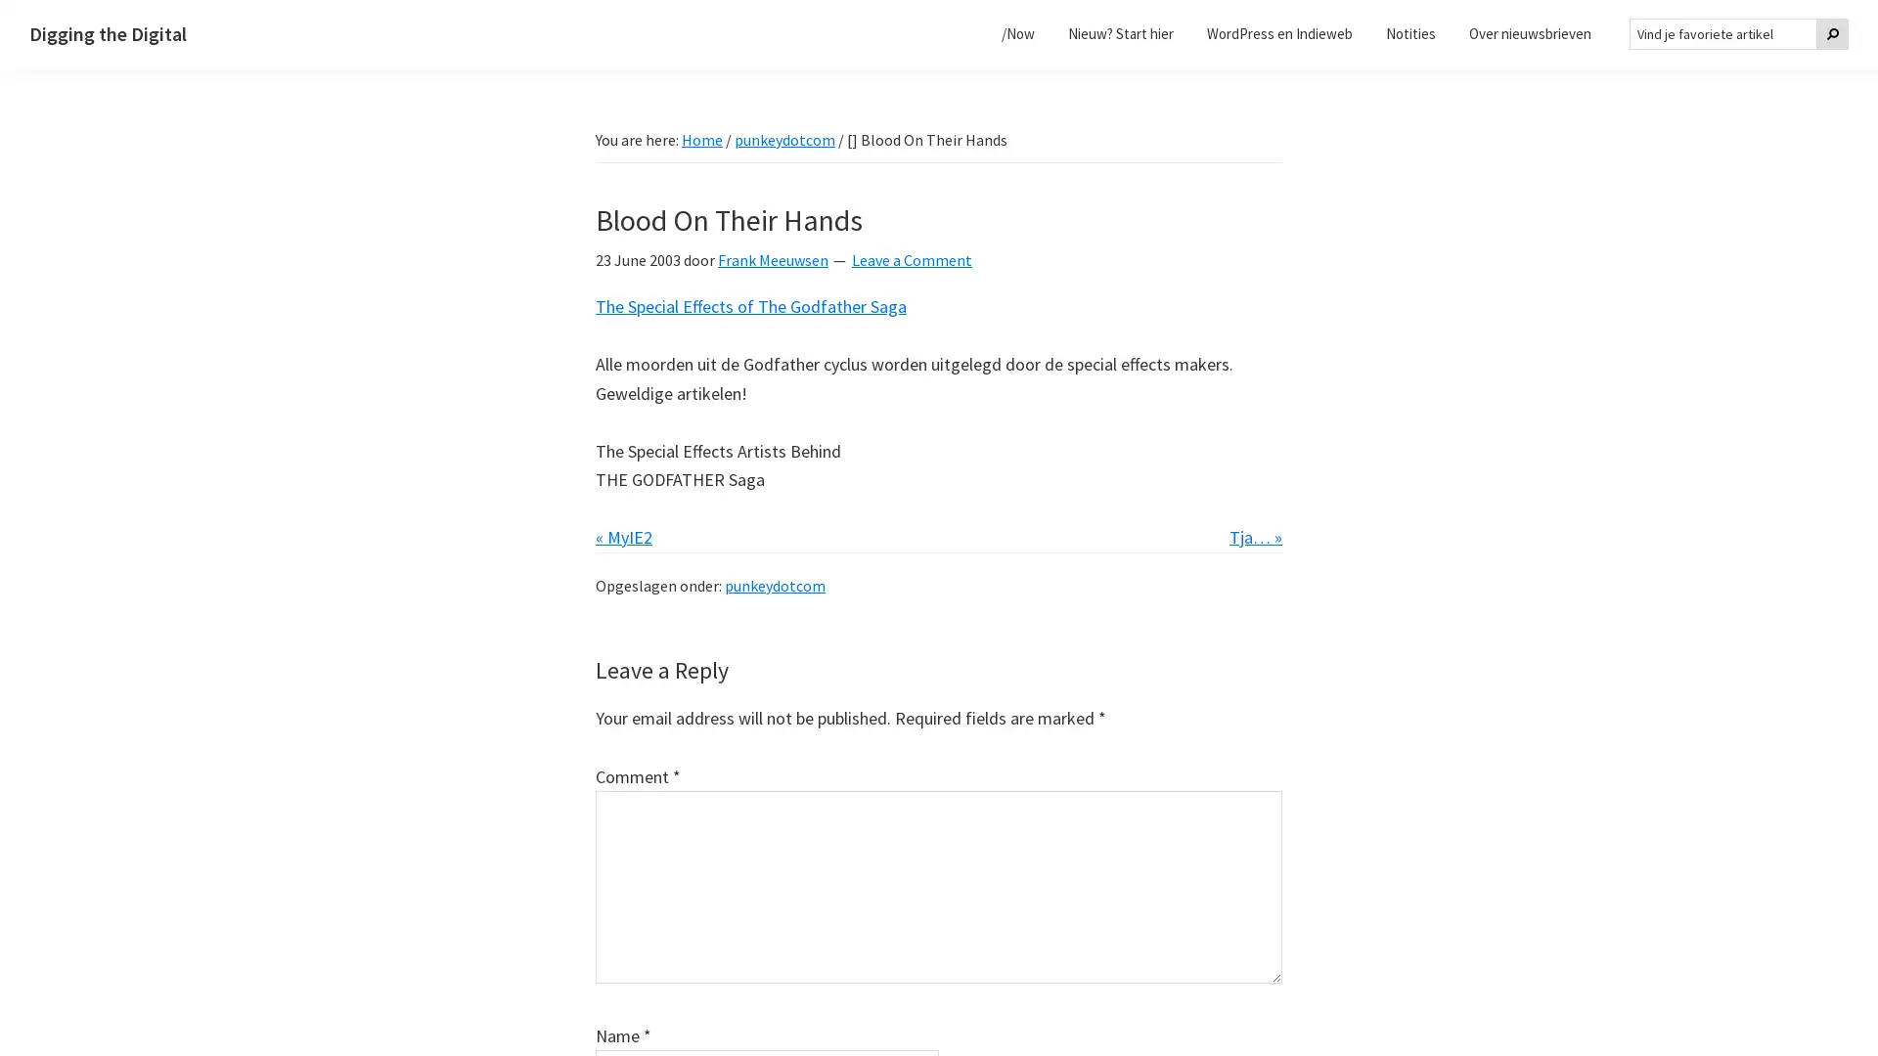 The image size is (1878, 1056). Describe the element at coordinates (1831, 33) in the screenshot. I see `Search` at that location.